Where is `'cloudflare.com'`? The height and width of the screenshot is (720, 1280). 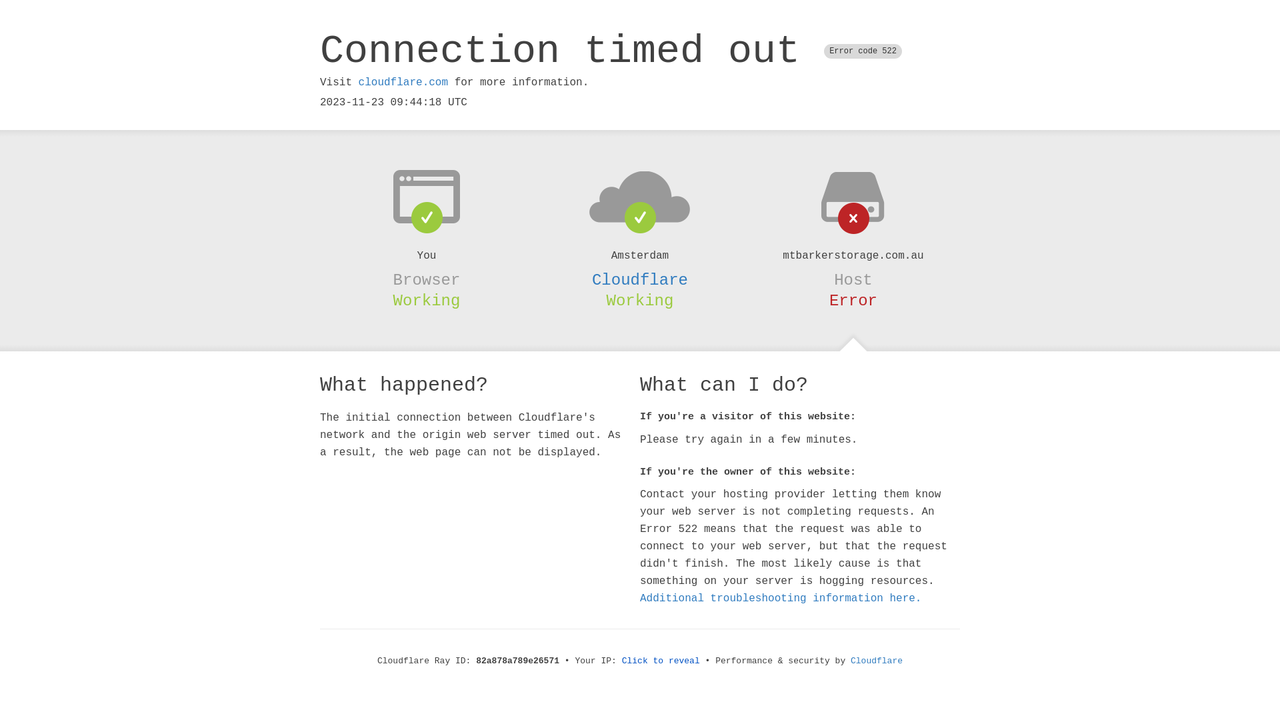
'cloudflare.com' is located at coordinates (402, 82).